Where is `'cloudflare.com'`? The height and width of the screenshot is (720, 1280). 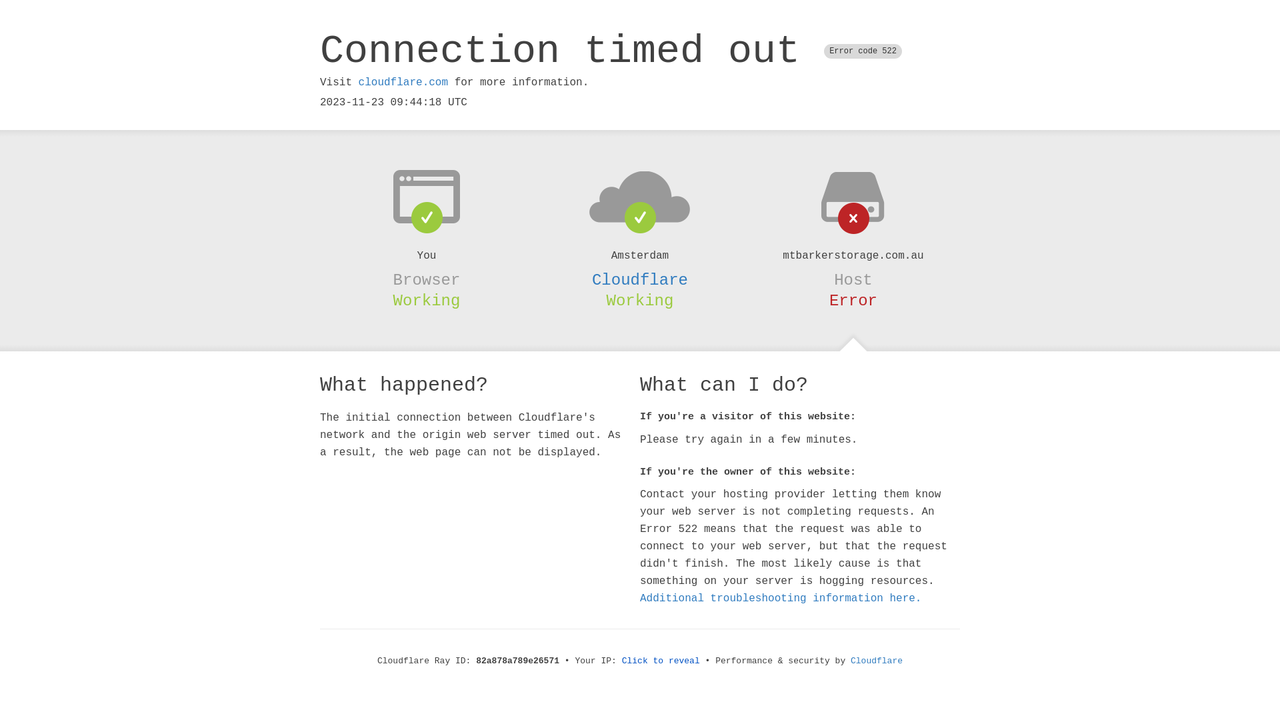
'cloudflare.com' is located at coordinates (402, 82).